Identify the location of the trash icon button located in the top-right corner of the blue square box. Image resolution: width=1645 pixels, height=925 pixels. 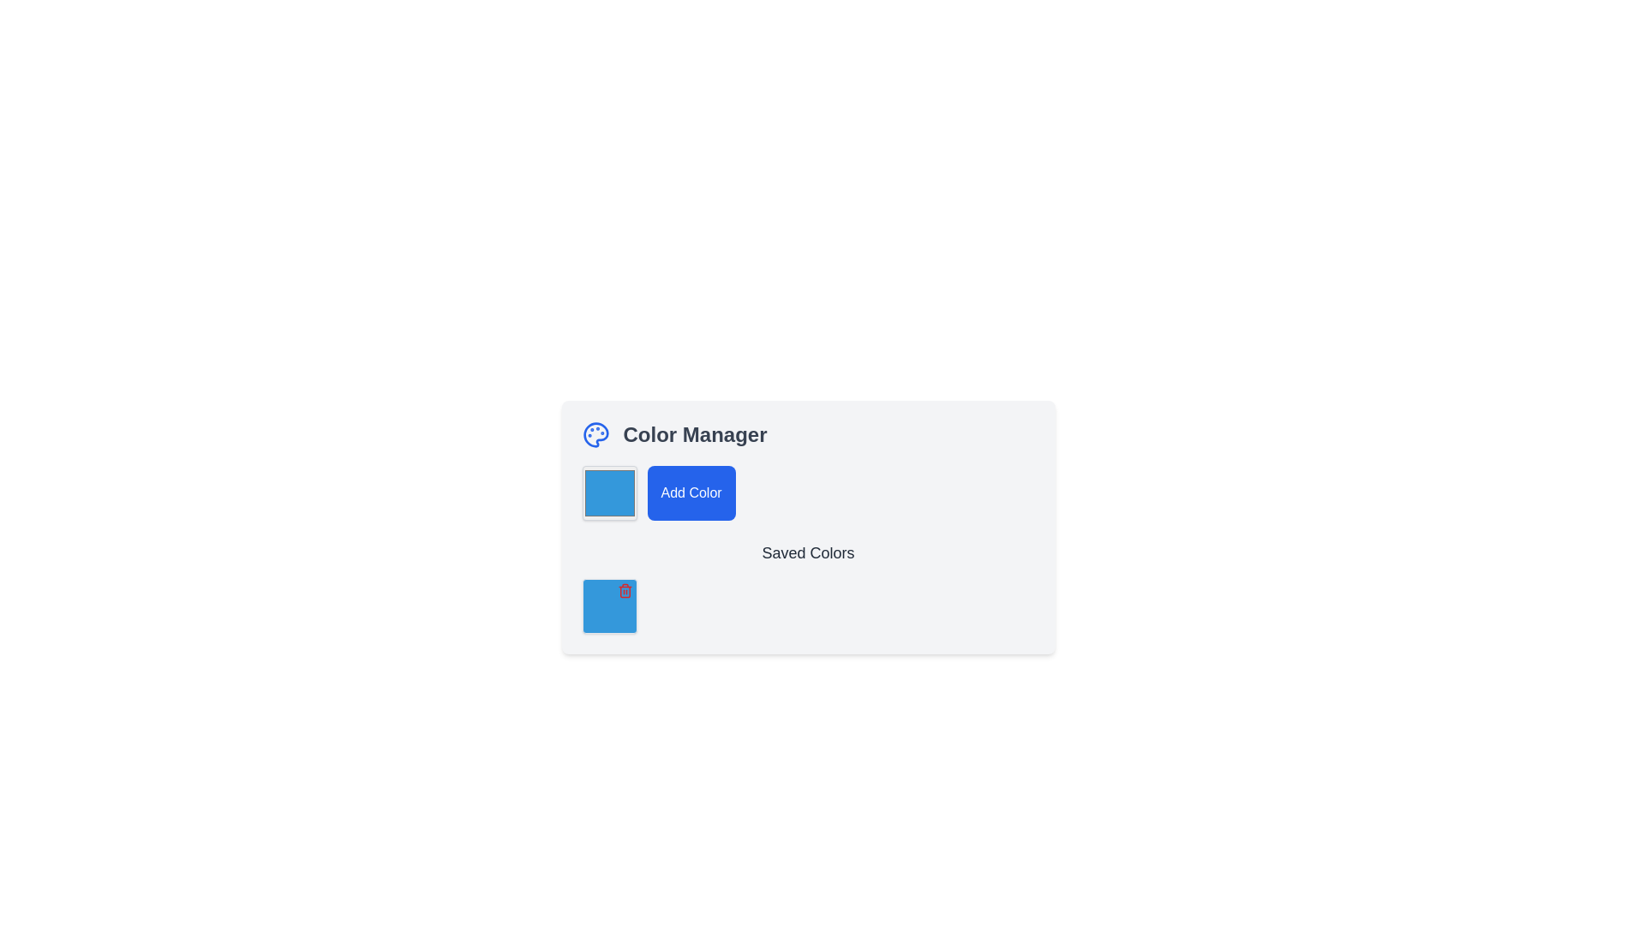
(624, 590).